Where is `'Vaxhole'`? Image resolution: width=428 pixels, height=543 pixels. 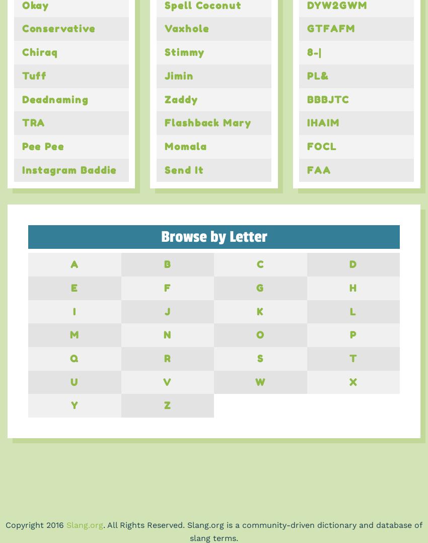
'Vaxhole' is located at coordinates (186, 29).